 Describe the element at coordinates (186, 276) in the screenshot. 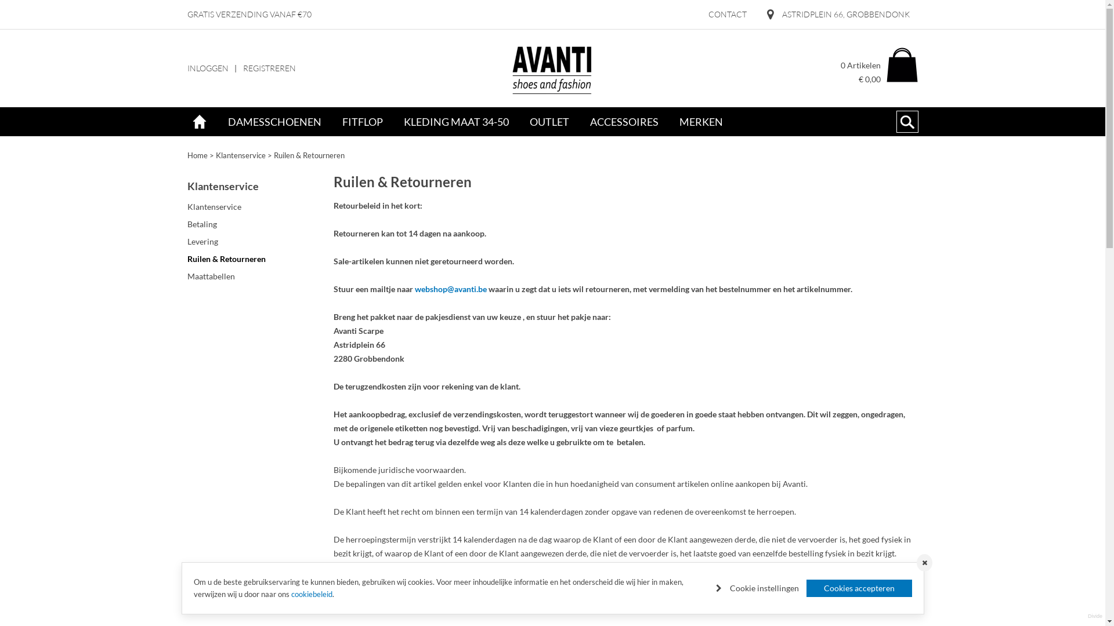

I see `'Maattabellen'` at that location.